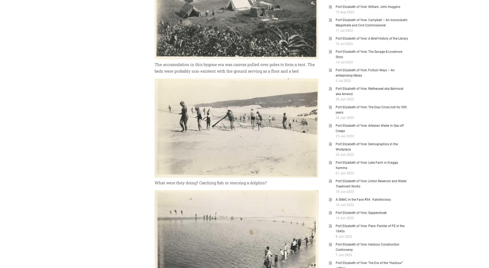  Describe the element at coordinates (154, 183) in the screenshot. I see `'What were they doing? Catching fish or rescuing a dolphin?'` at that location.